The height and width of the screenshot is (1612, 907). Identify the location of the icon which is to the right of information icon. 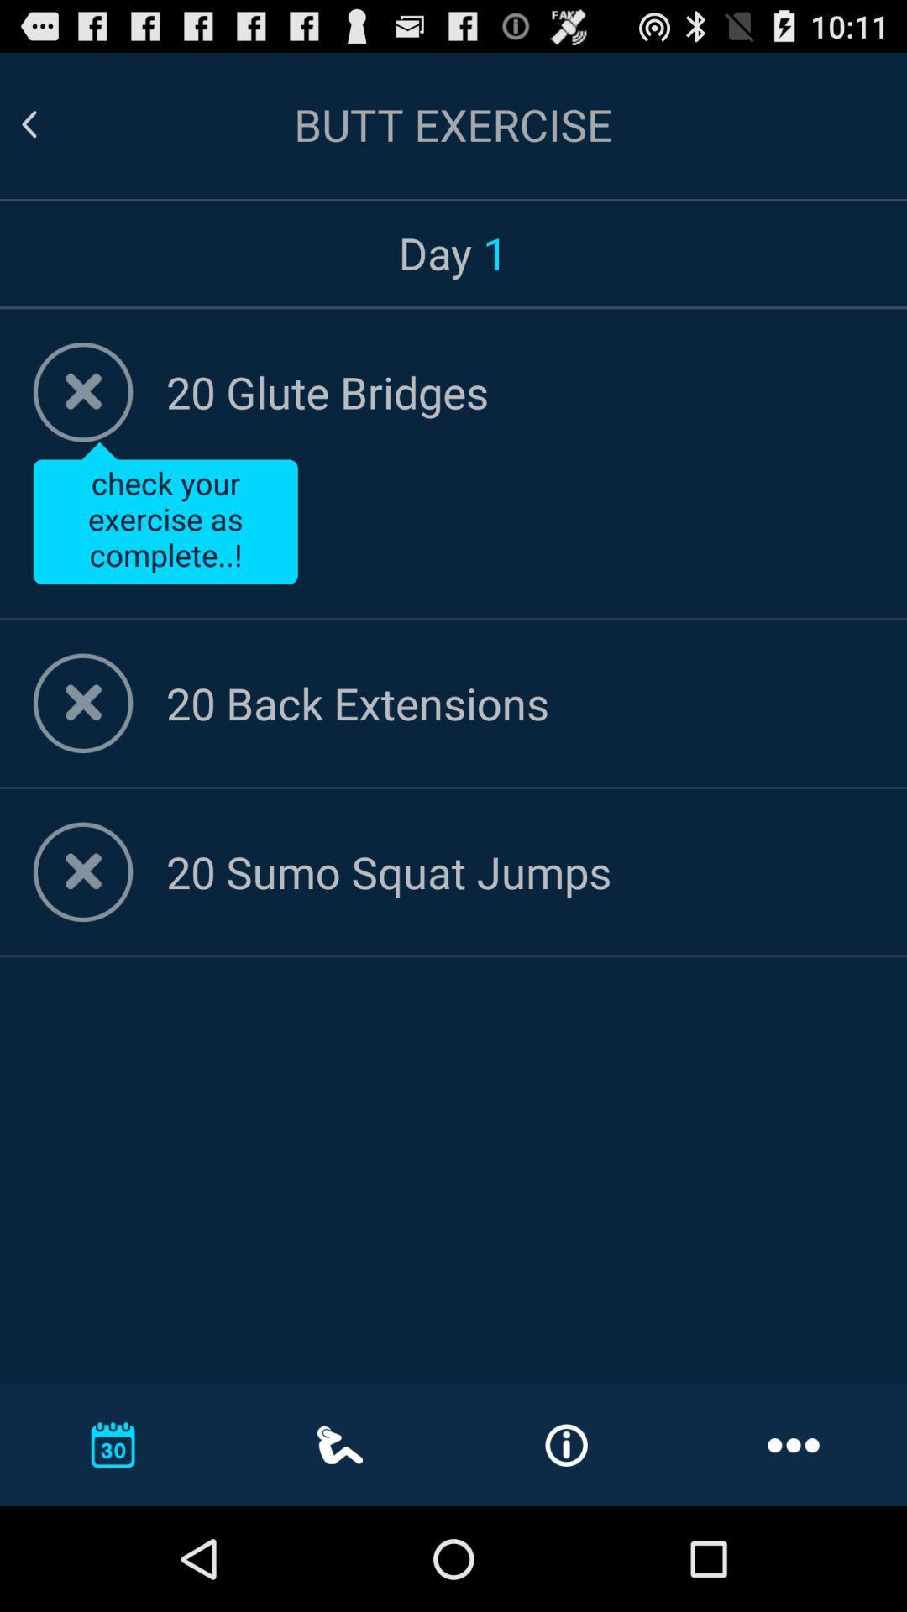
(794, 1444).